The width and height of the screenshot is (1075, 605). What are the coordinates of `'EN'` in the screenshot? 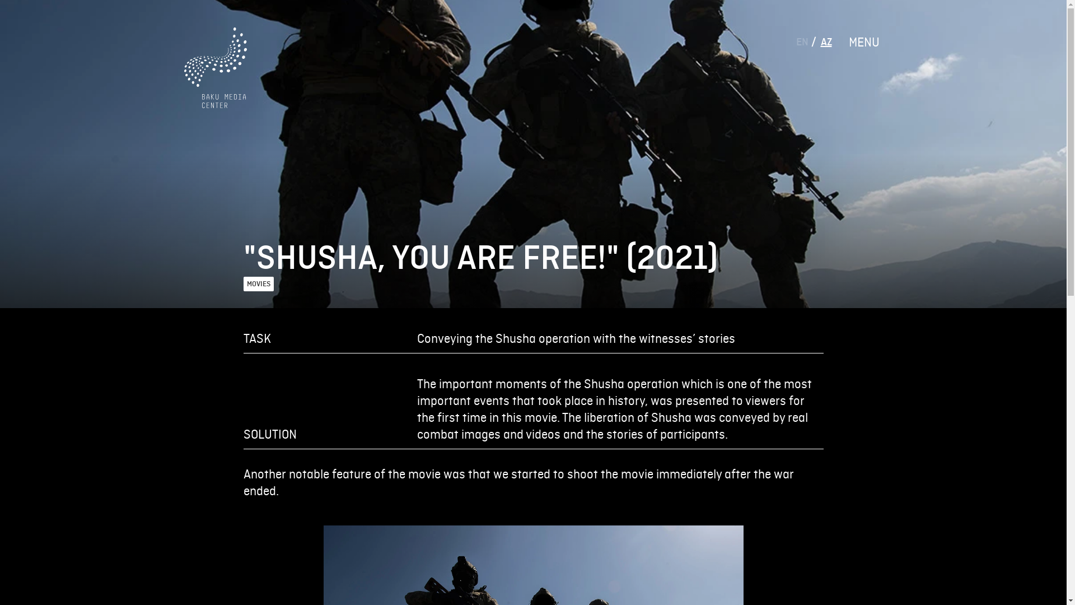 It's located at (802, 41).